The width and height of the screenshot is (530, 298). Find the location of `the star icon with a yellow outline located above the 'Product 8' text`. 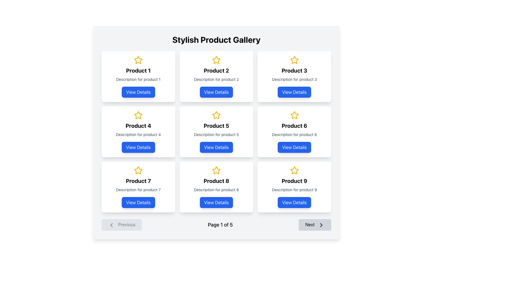

the star icon with a yellow outline located above the 'Product 8' text is located at coordinates (216, 170).